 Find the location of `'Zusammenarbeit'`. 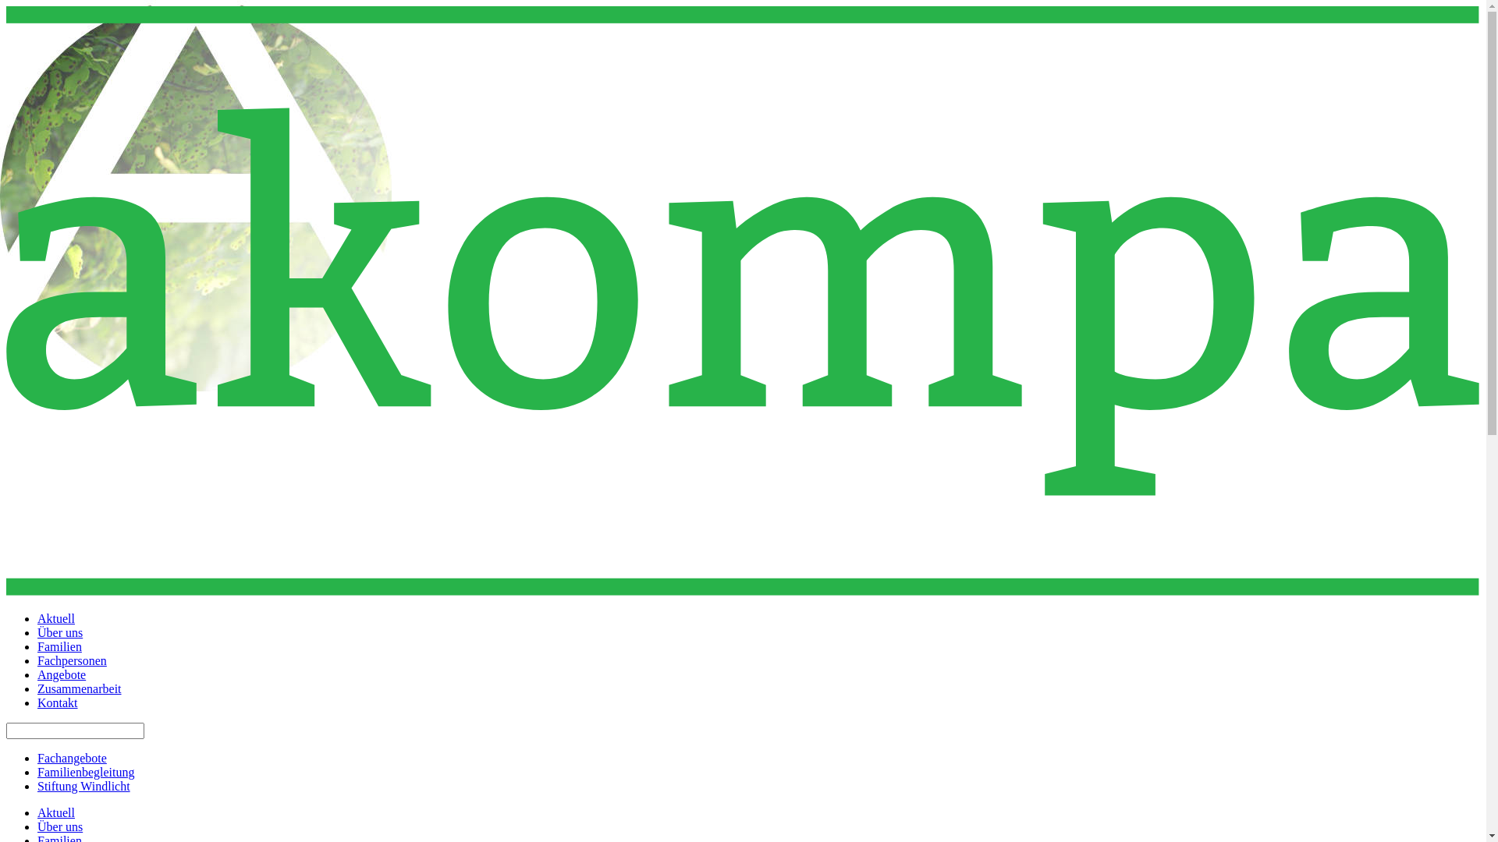

'Zusammenarbeit' is located at coordinates (78, 688).